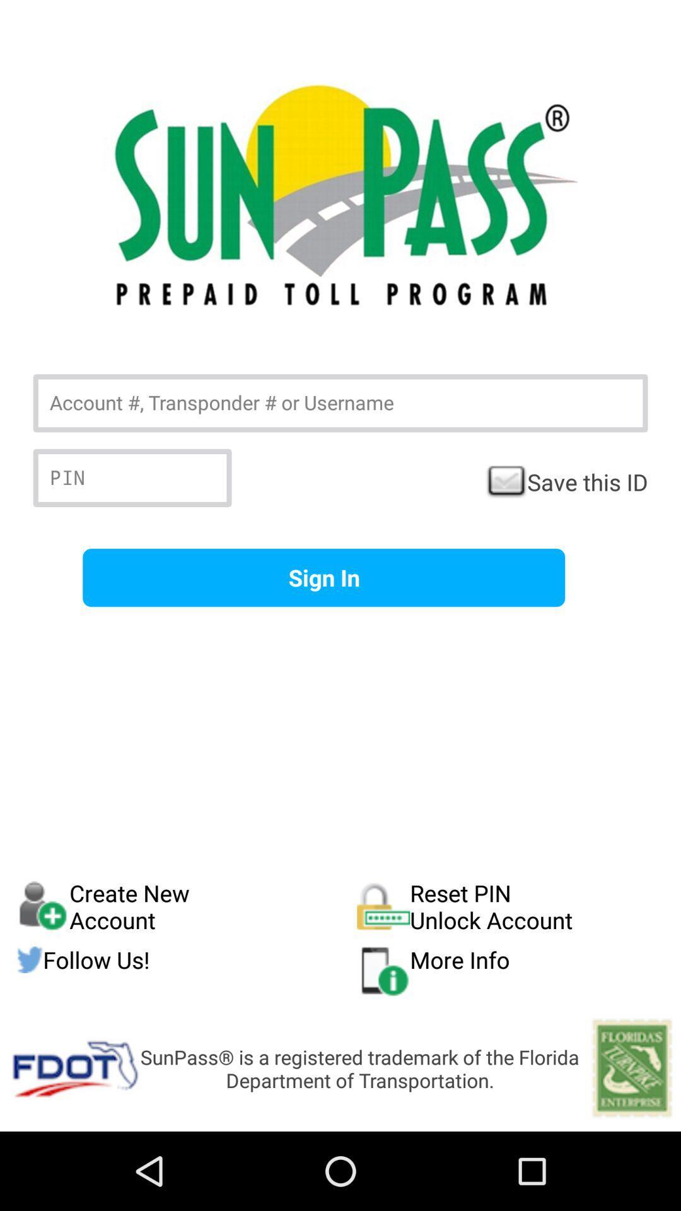  I want to click on the item to the right of create new, so click(511, 906).